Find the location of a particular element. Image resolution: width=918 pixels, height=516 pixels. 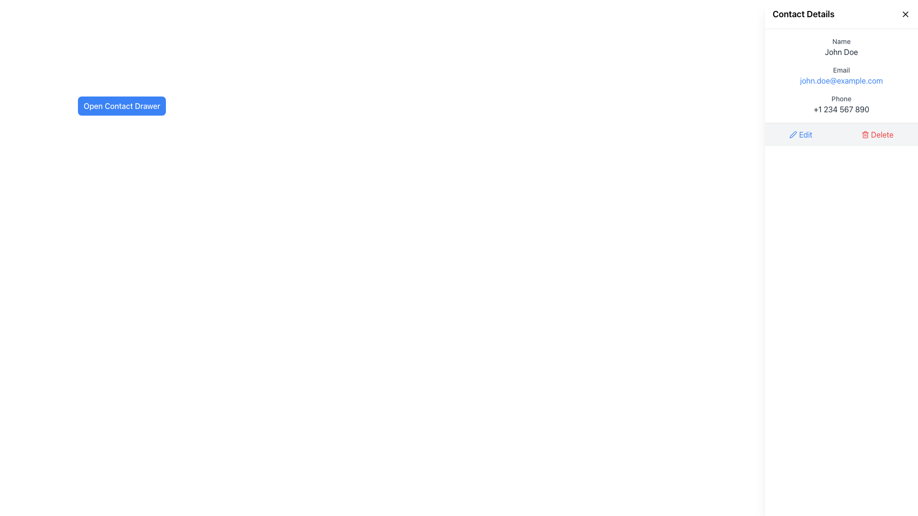

the second diagonal line of the 'X' graphic within the SVG component is located at coordinates (905, 14).